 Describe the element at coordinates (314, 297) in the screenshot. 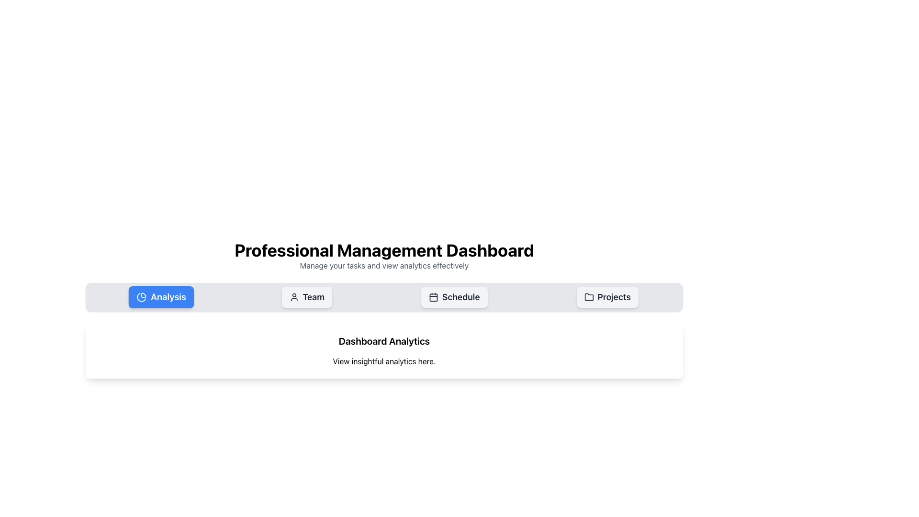

I see `the 'Team' text label within the 'Team' button, which is part of the navigation menu under the 'Professional Management Dashboard'` at that location.